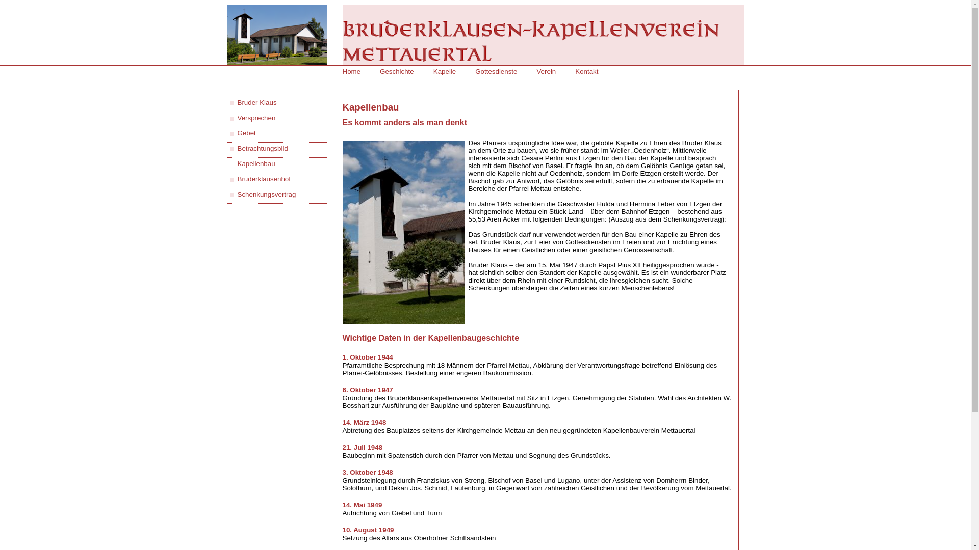 The image size is (979, 550). I want to click on 'Kapelle', so click(445, 71).